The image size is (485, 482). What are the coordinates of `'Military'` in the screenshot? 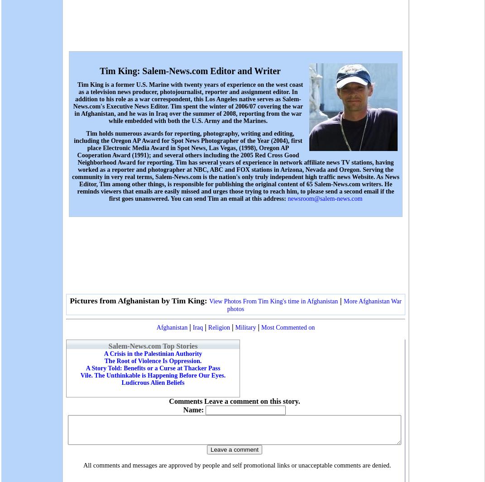 It's located at (245, 326).